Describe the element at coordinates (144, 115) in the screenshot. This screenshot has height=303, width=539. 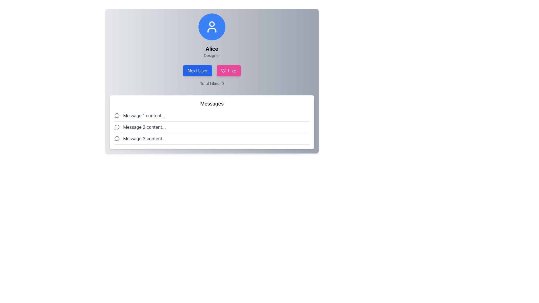
I see `the text label displaying 'Message 1 content...' in dark gray font, which is located in the first row of the 'Messages' list and is positioned to the right of the accompanying message icon` at that location.